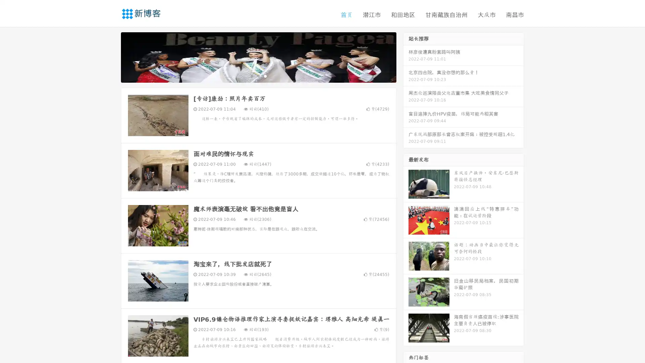 This screenshot has height=363, width=645. What do you see at coordinates (251, 76) in the screenshot?
I see `Go to slide 1` at bounding box center [251, 76].